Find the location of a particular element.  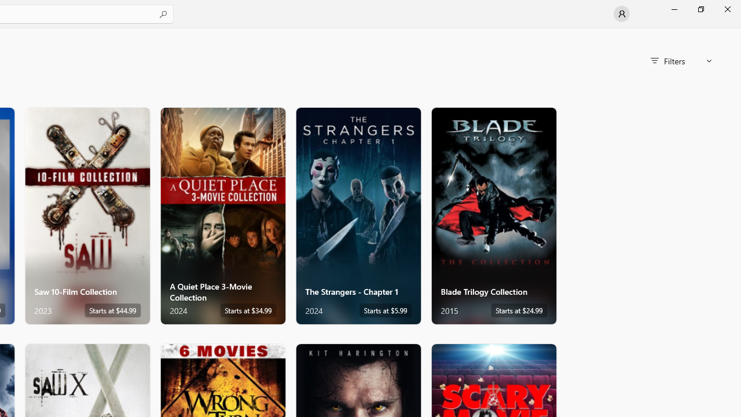

'Saw 10-Film Collection. Starts at $44.99  ' is located at coordinates (87, 215).